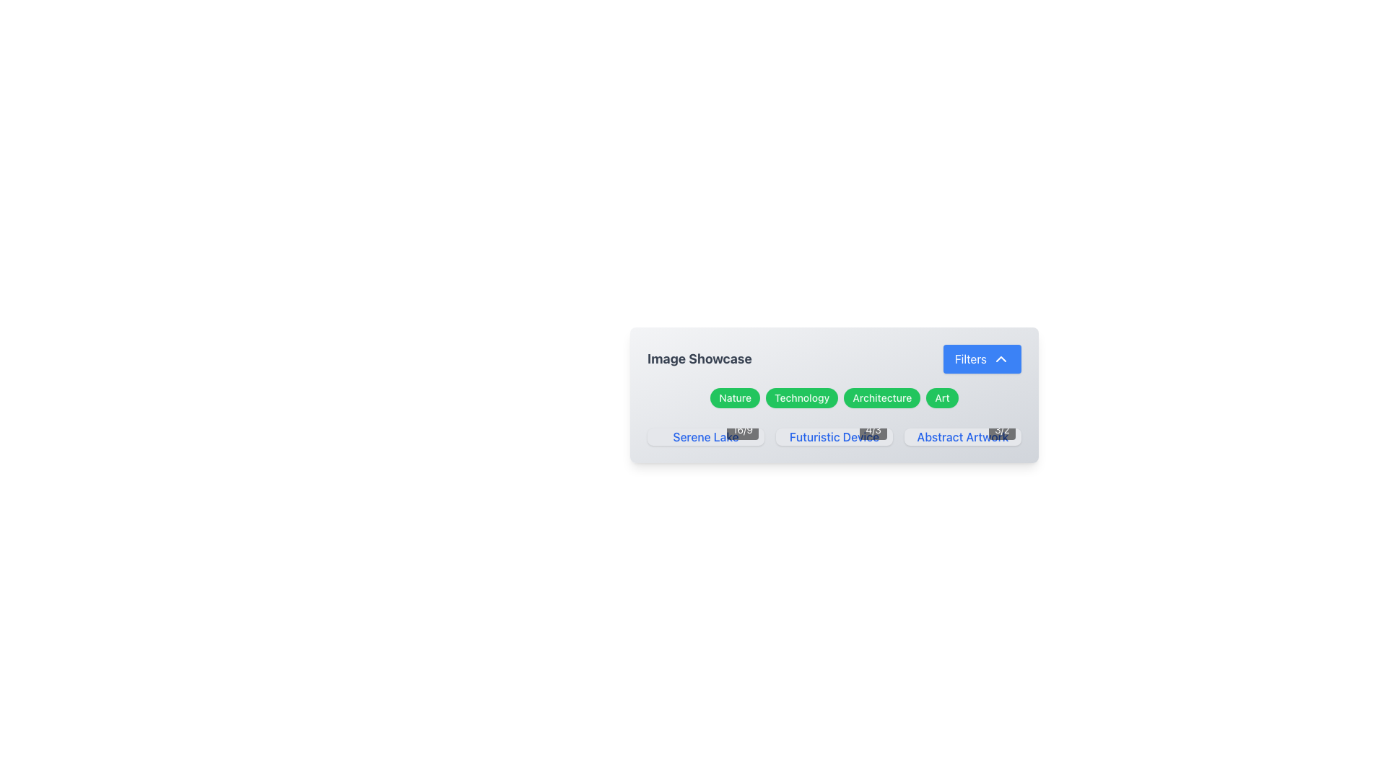 The height and width of the screenshot is (779, 1386). I want to click on the 'Art' category filter button, which is the fourth button in a horizontal list of similar buttons including 'Nature', 'Technology', and 'Architecture', so click(942, 397).